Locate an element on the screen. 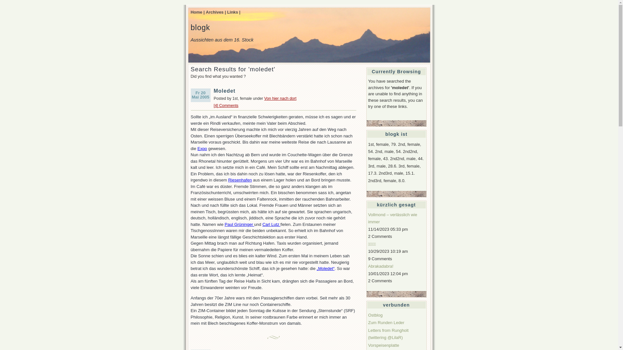 The width and height of the screenshot is (623, 350). 'Home |' is located at coordinates (190, 12).